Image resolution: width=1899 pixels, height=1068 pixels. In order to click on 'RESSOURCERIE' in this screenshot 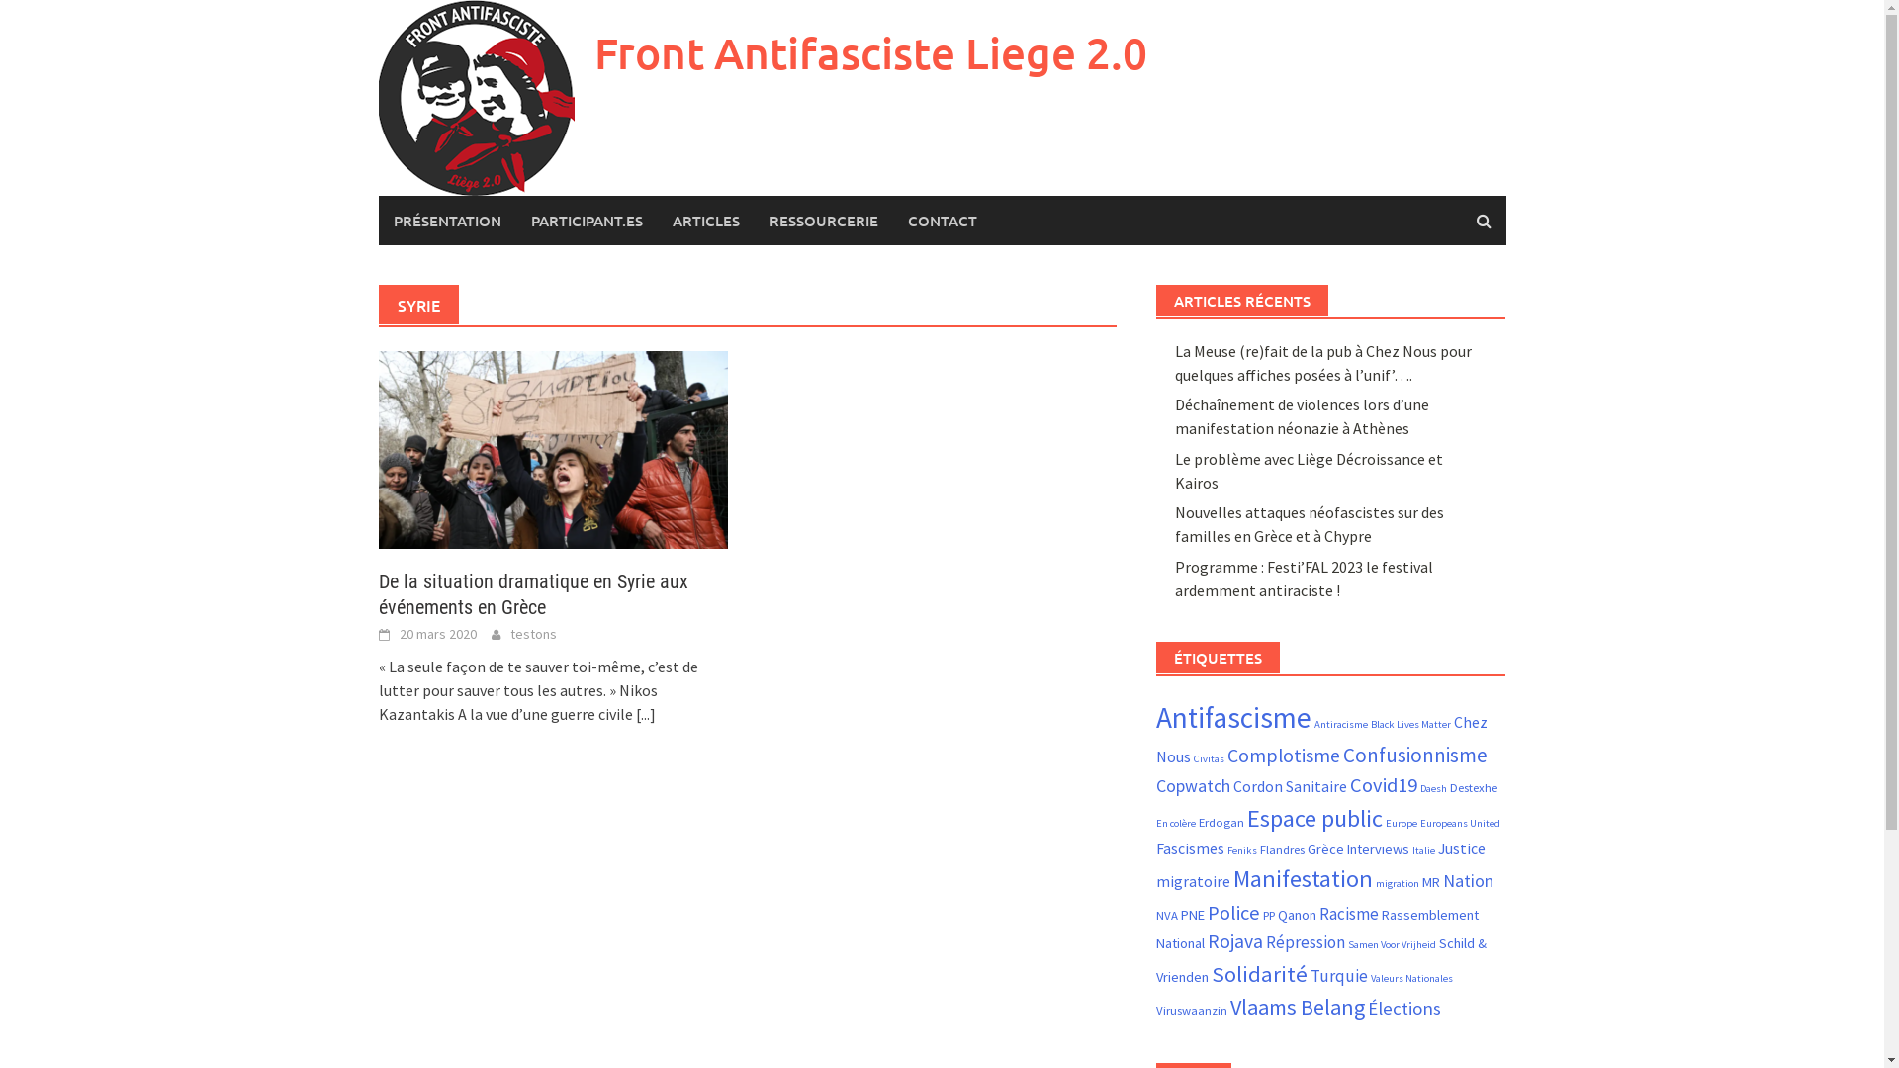, I will do `click(822, 221)`.